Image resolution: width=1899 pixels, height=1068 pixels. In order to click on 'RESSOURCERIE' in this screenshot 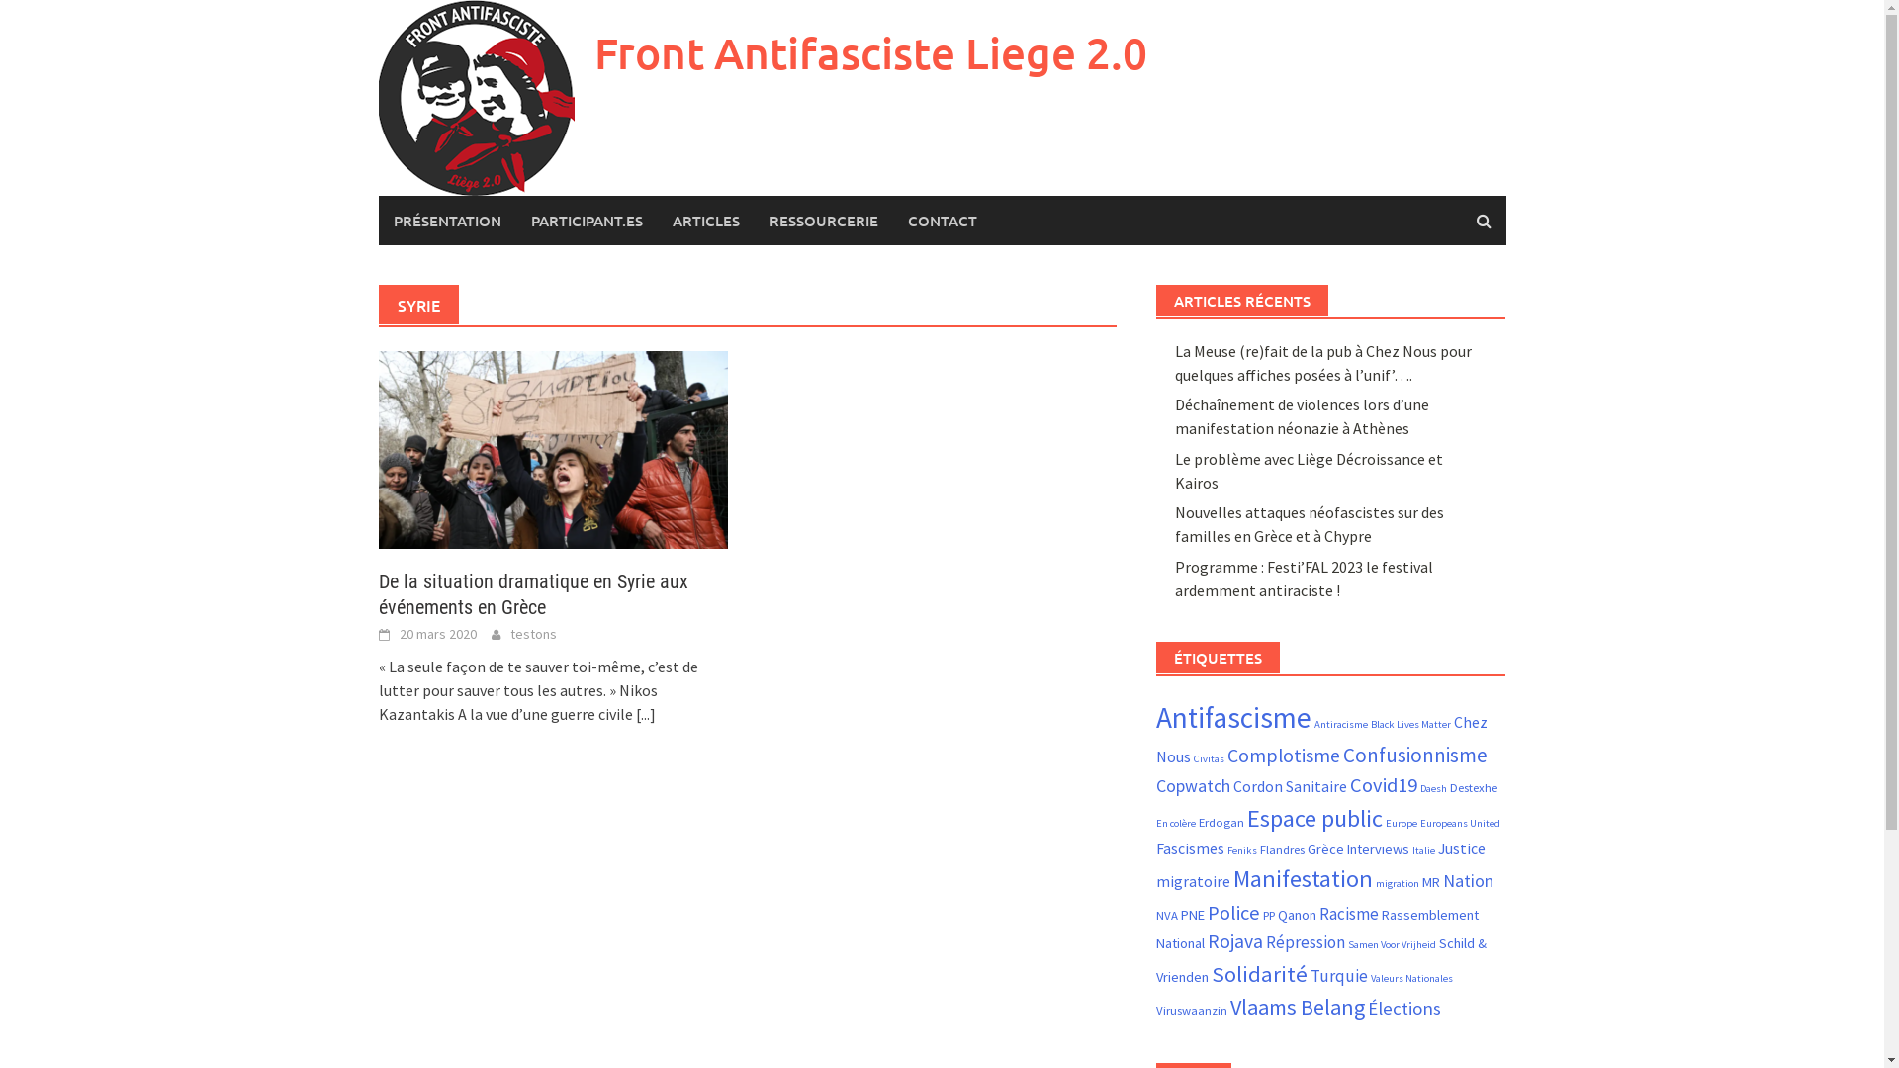, I will do `click(822, 221)`.